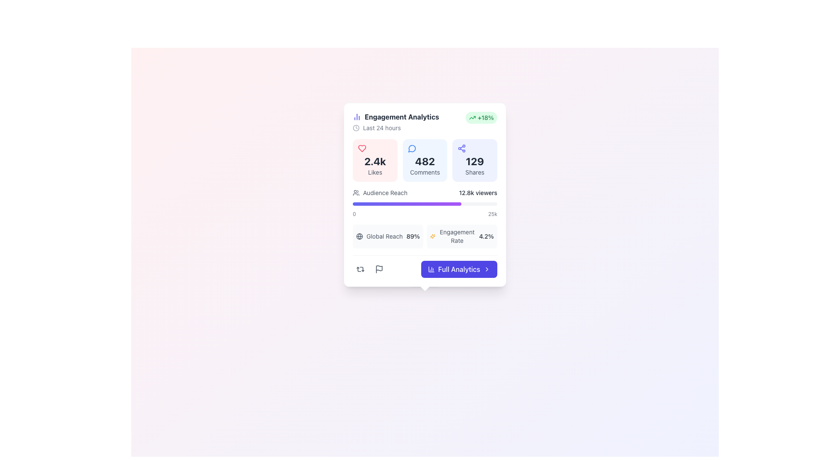 The width and height of the screenshot is (821, 461). What do you see at coordinates (359, 236) in the screenshot?
I see `the globe icon located to the left of the 'Global Reach' text in the 'Global Reach 89%' section of the main dashboard card` at bounding box center [359, 236].